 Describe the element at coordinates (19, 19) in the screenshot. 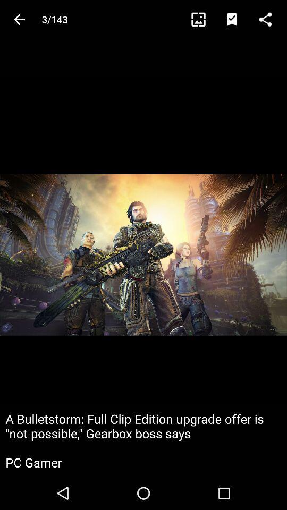

I see `the icon above the a bulletstorm full item` at that location.